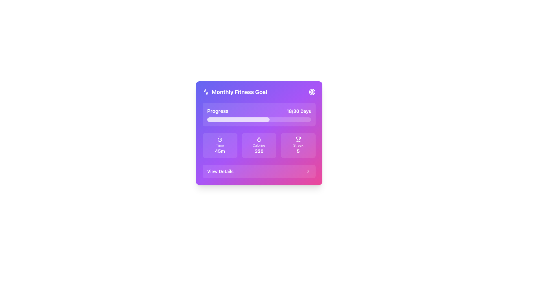  I want to click on the decorative icon located in the top-left corner of the 'Monthly Fitness Goal' card, adjacent to the title text, so click(206, 92).